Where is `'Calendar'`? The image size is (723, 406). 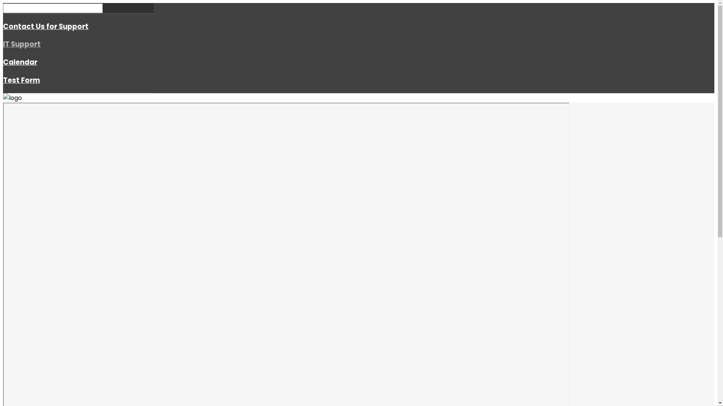 'Calendar' is located at coordinates (20, 62).